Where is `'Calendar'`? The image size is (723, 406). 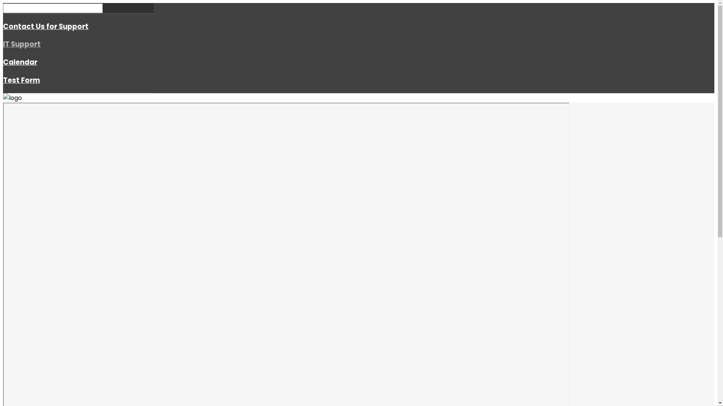 'Calendar' is located at coordinates (20, 62).